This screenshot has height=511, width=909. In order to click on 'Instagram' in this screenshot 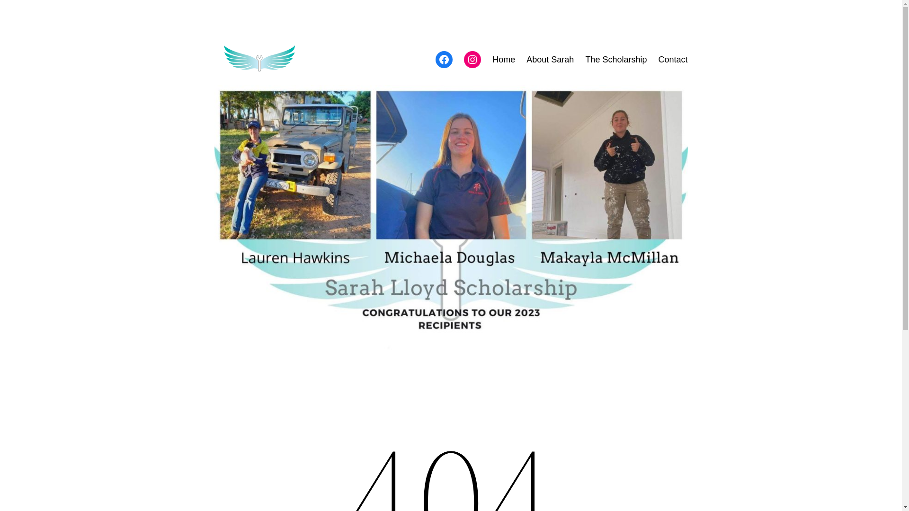, I will do `click(472, 60)`.